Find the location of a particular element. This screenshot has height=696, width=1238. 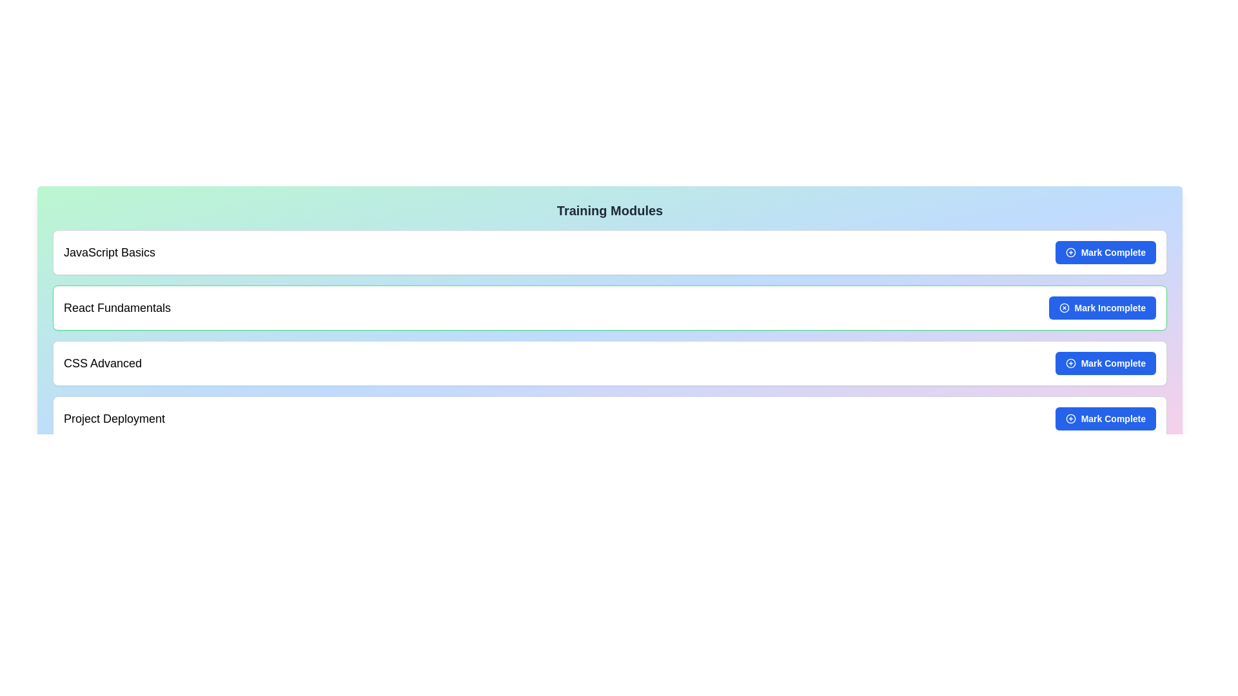

the text label displaying 'React Fundamentals' in bold black font, which is located within a card with white background and green borders is located at coordinates (117, 308).